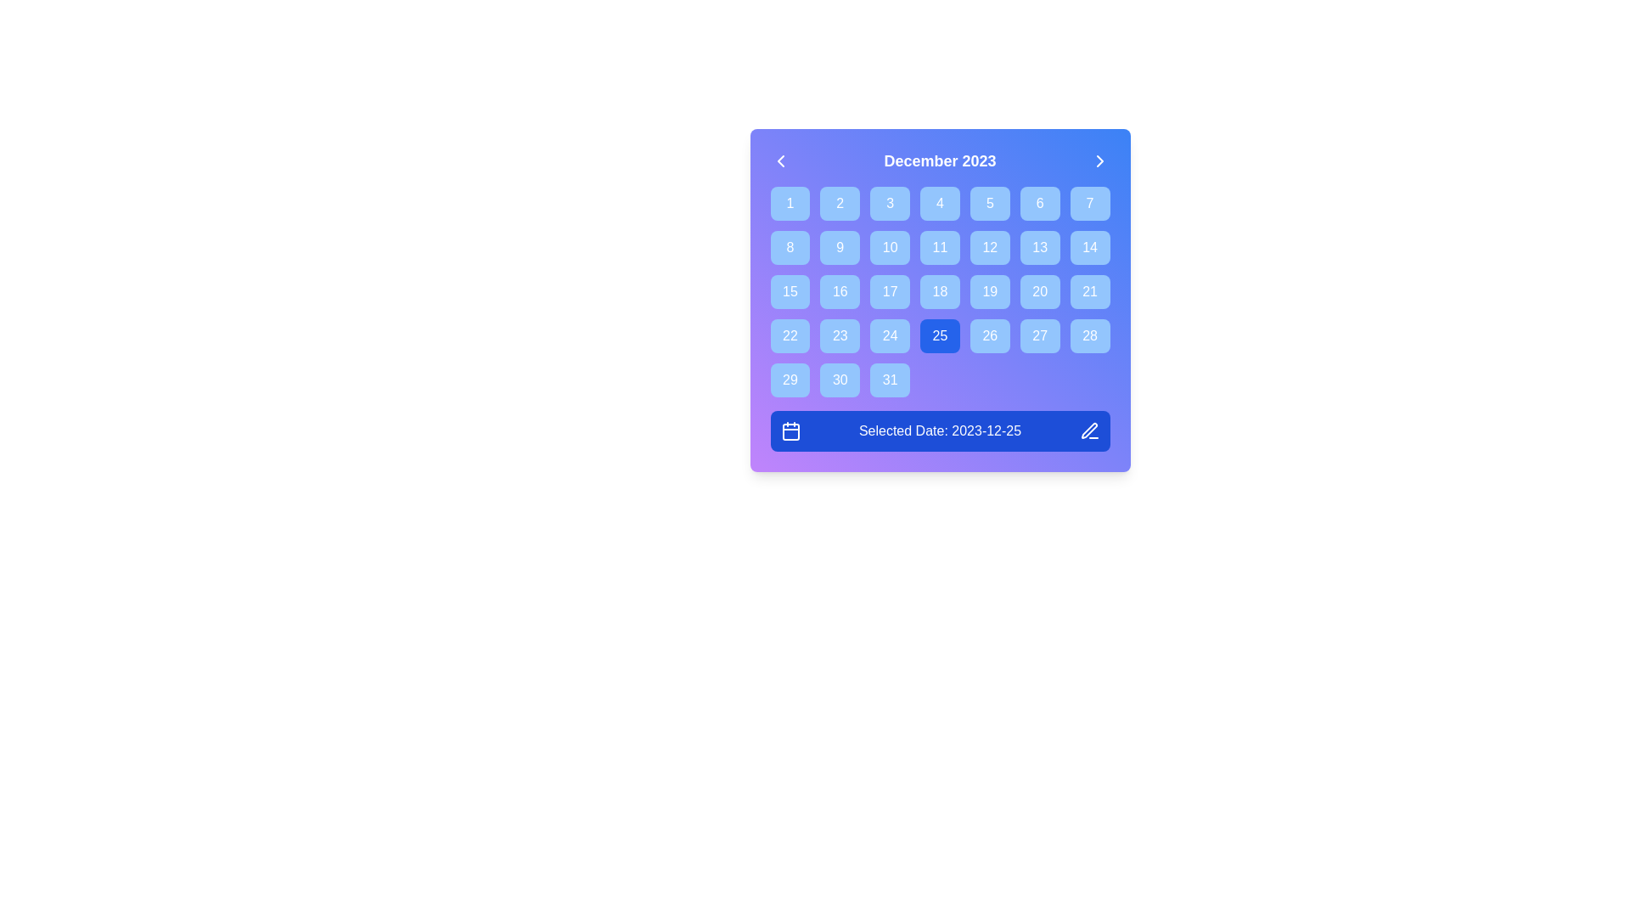 This screenshot has width=1630, height=917. What do you see at coordinates (1090, 202) in the screenshot?
I see `the rounded square button with a light blue background containing the white number '7', which is the seventh item in the first row of a 7-column grid layout` at bounding box center [1090, 202].